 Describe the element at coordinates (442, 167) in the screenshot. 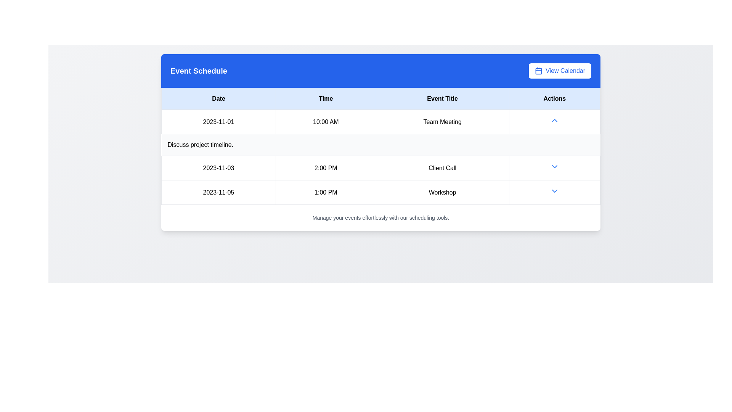

I see `the text label that communicates the event title 'Client Call' located under the 'Event Title' column for the scheduled event at '2:00 PM' on '2023-11-03'` at that location.